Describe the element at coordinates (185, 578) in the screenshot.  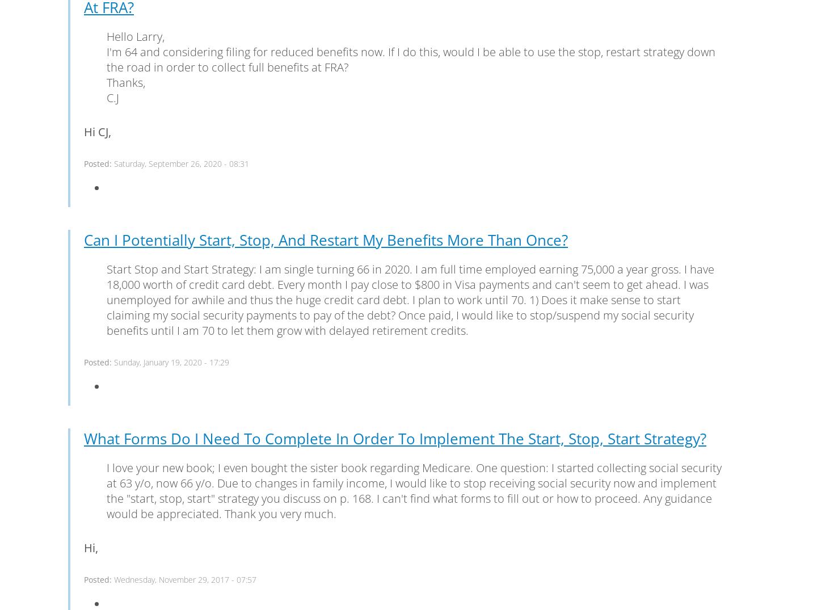
I see `'Wednesday, November 29, 2017 - 07:57'` at that location.